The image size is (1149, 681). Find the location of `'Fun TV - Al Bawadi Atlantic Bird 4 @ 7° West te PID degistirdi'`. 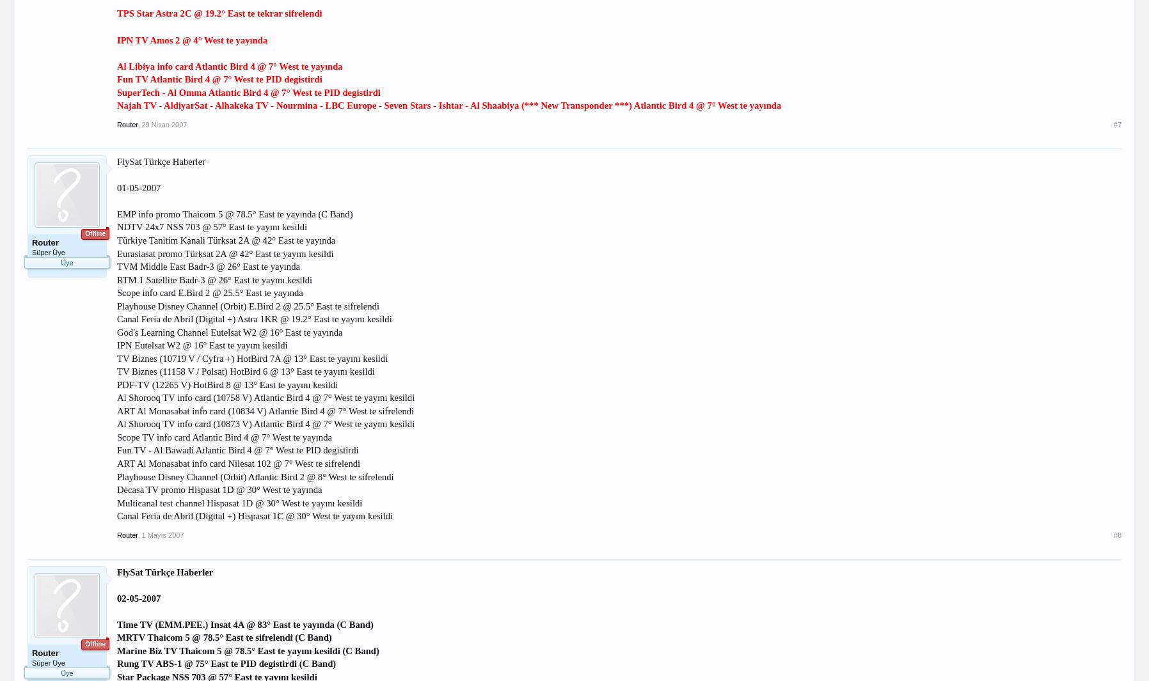

'Fun TV - Al Bawadi Atlantic Bird 4 @ 7° West te PID degistirdi' is located at coordinates (115, 450).